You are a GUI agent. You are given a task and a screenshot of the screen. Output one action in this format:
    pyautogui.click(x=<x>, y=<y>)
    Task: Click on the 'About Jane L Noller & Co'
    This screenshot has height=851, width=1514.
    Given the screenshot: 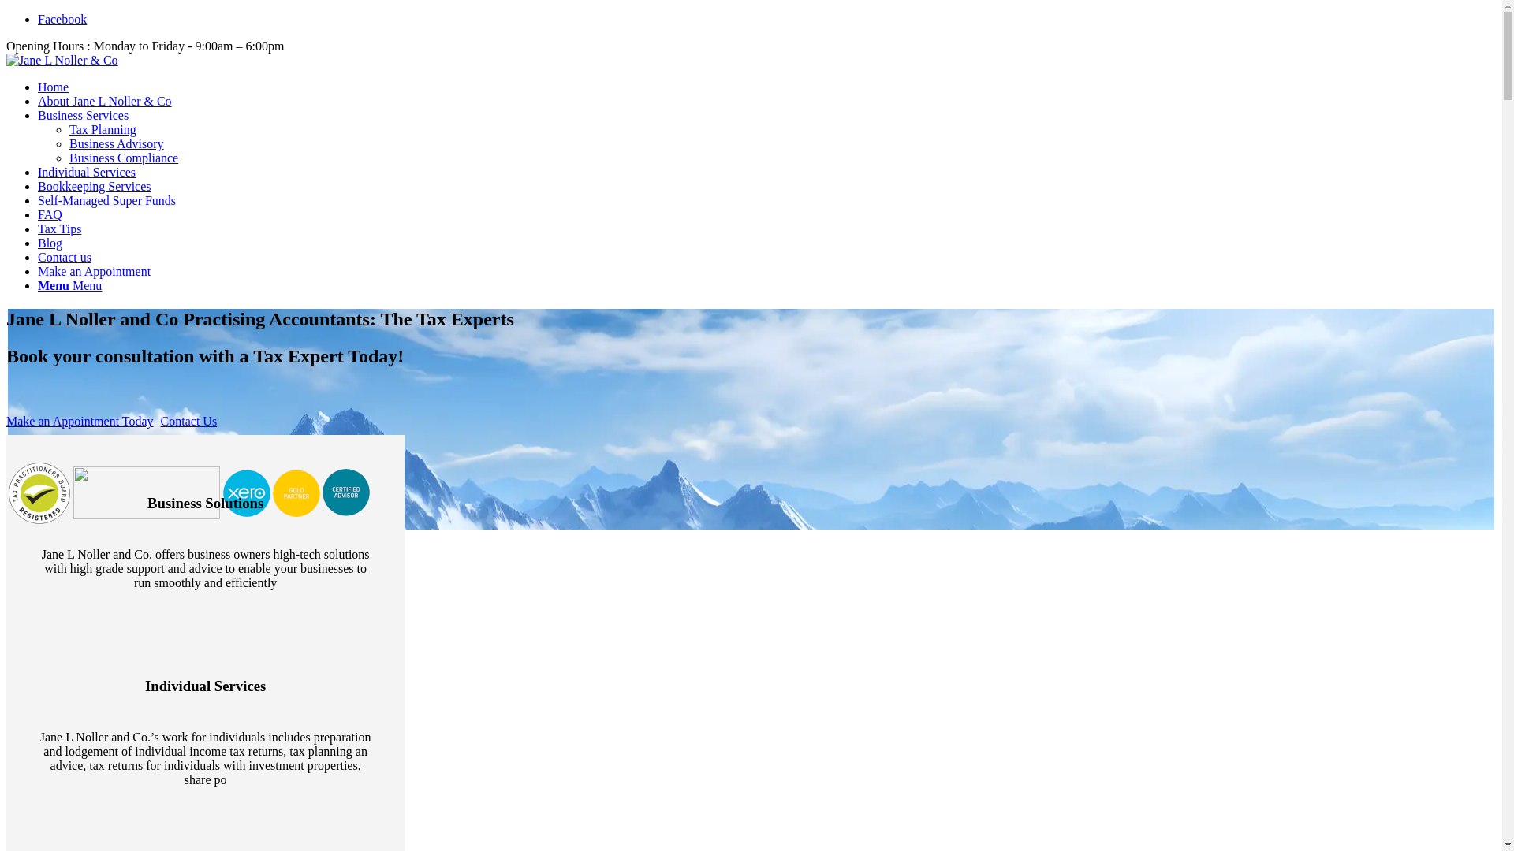 What is the action you would take?
    pyautogui.click(x=104, y=101)
    